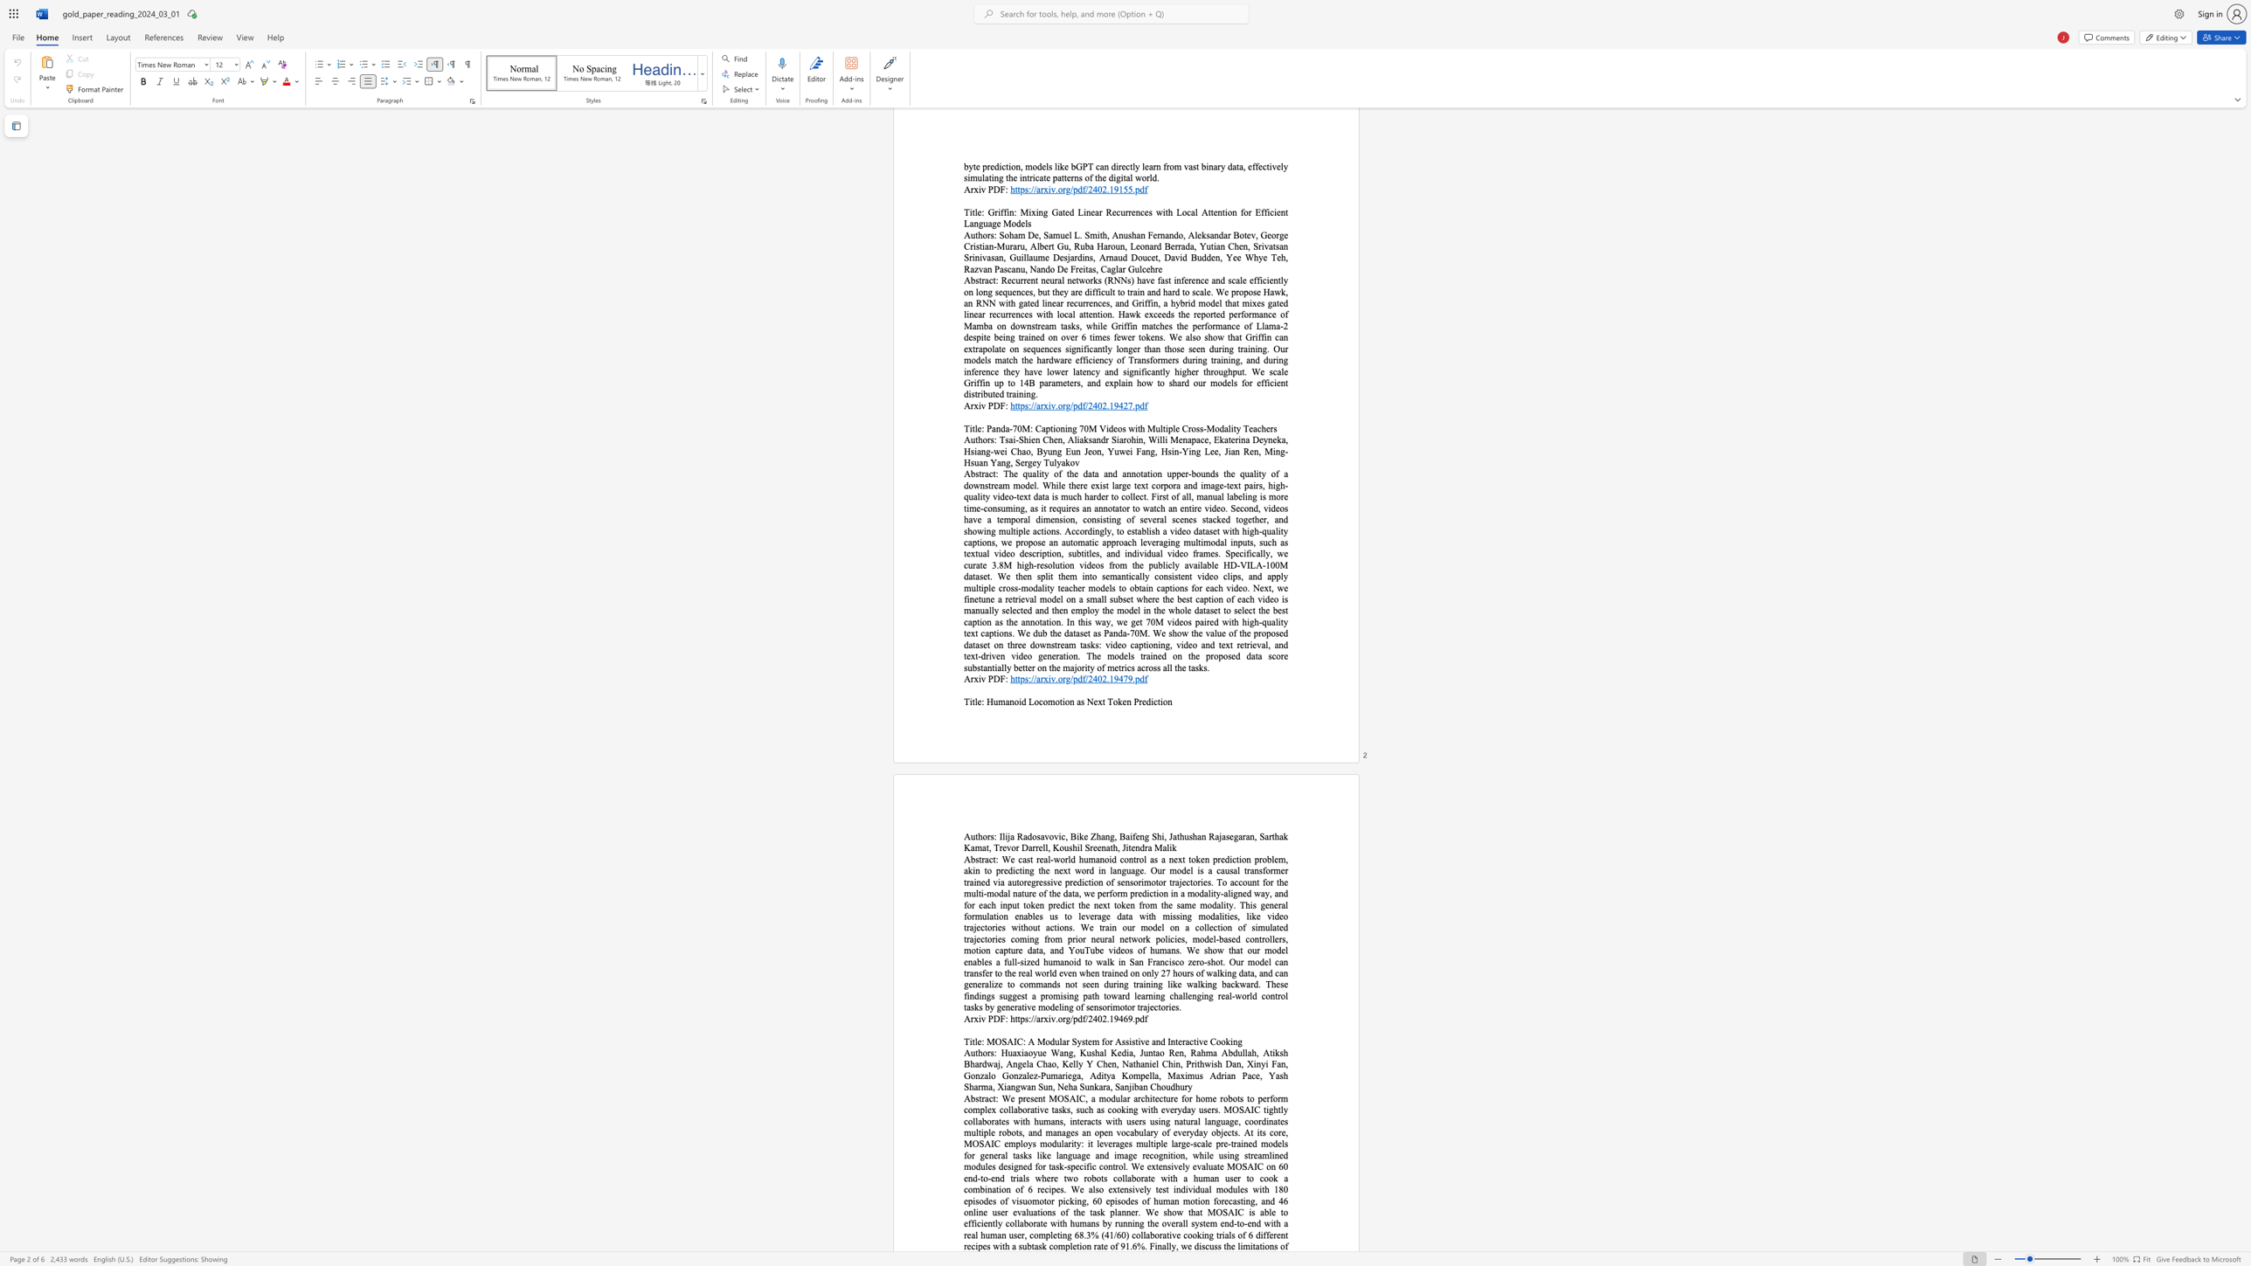 The height and width of the screenshot is (1266, 2251). I want to click on the subset text "ensively test individual modules with 180 episodes of visuomotor picking, 60 episodes of human motion forecasting, and 46 online user evaluations of the task planner. We show tha" within the text "We present MOSAIC, a modular architecture for home robots to perform complex collaborative tasks, such as cooking with everyday users. MOSAIC tightly collaborates with humans, interacts with users using natural language, coordinates multiple robots, and manages an open vocabulary of everyday objects. At its core, MOSAIC employs modularity: it leverages multiple large-scale pre-trained models for general tasks like language and image recognition, while using streamlined modules designed for task-specific control. We extensively evaluate MOSAIC on 60 end-to-end trials where two robots collaborate with a human user to cook a combination of 6 recipes. We also extensively test individual modules with 180 episodes of visuomotor picking, 60 episodes of human motion forecasting, and 46 online user evaluations of the task planner. We show that MOSAIC is able to efficiently collaborate with humans by running the overall system end-to-end with a real human user, completing 68.3% (41/60) collaborative cooking trials of 6 different recipes with a subtask completion rate", so click(1119, 1188).